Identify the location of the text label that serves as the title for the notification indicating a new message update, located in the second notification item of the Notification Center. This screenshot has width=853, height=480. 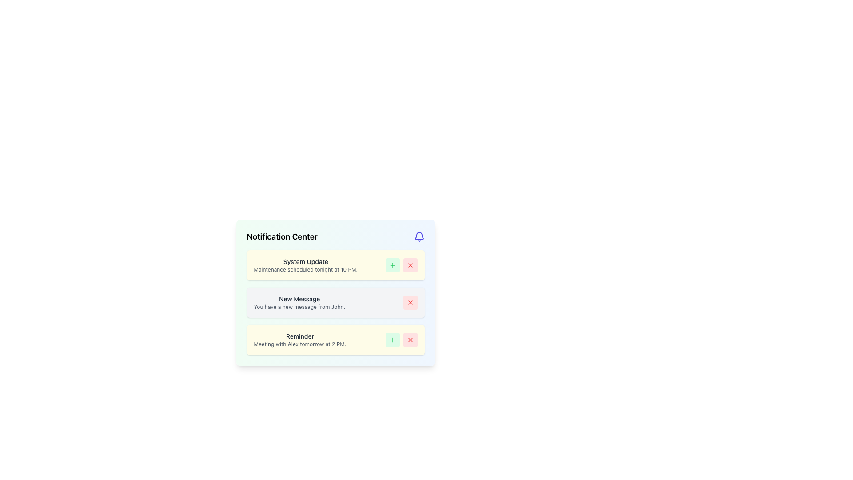
(299, 299).